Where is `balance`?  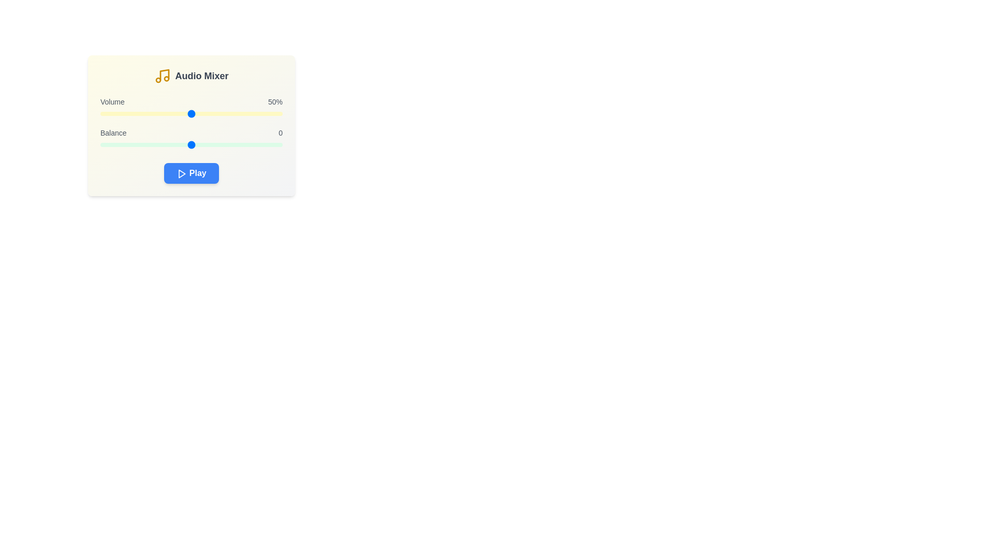
balance is located at coordinates (204, 145).